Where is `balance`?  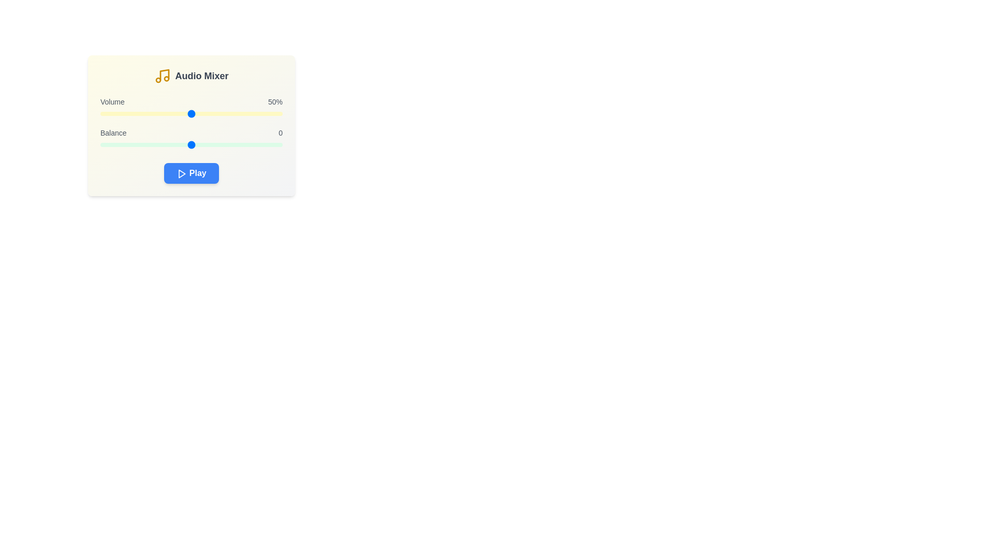
balance is located at coordinates (204, 145).